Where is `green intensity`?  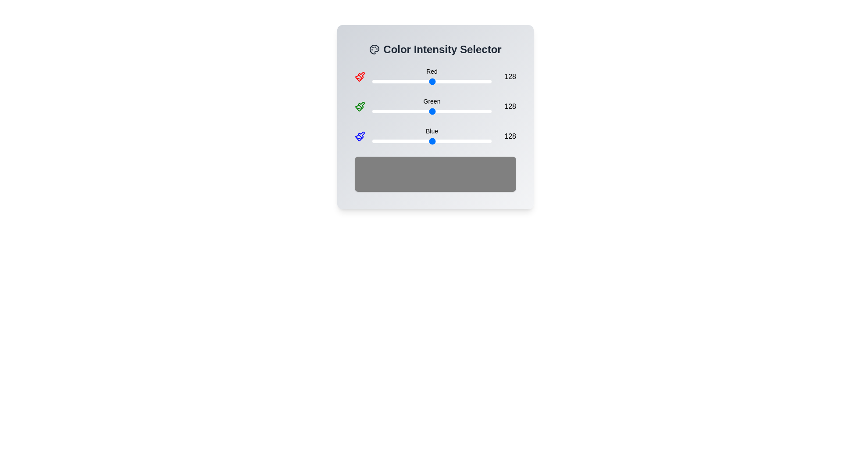
green intensity is located at coordinates (427, 111).